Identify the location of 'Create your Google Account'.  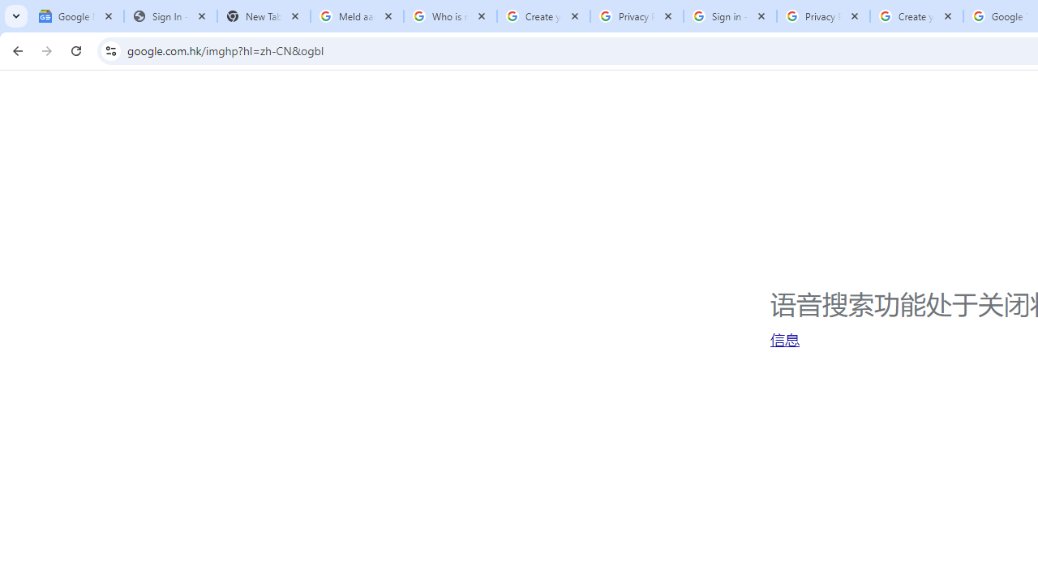
(916, 16).